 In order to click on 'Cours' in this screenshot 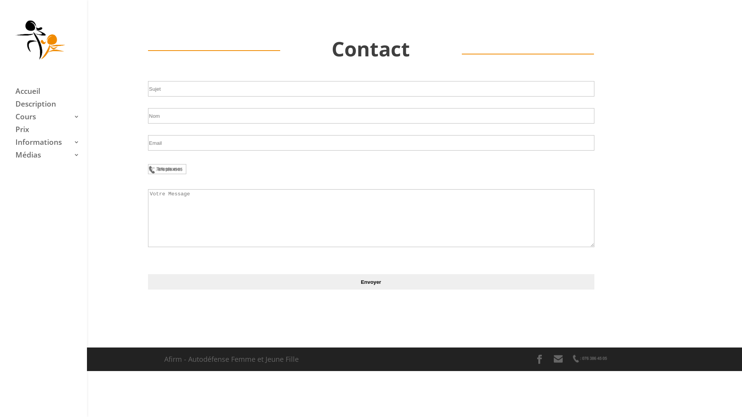, I will do `click(51, 120)`.